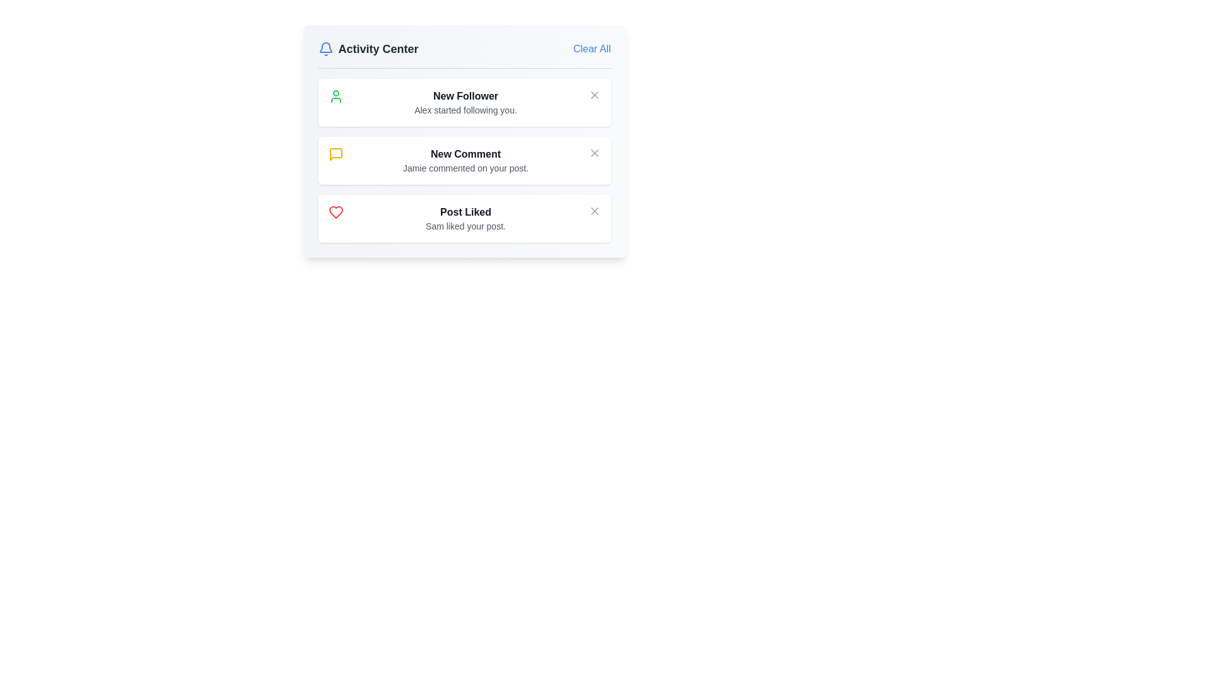 Image resolution: width=1211 pixels, height=681 pixels. I want to click on the small interactive 'X' button on the far right of the 'Post Liked' notification card in the 'Activity Center' interface, so click(594, 211).